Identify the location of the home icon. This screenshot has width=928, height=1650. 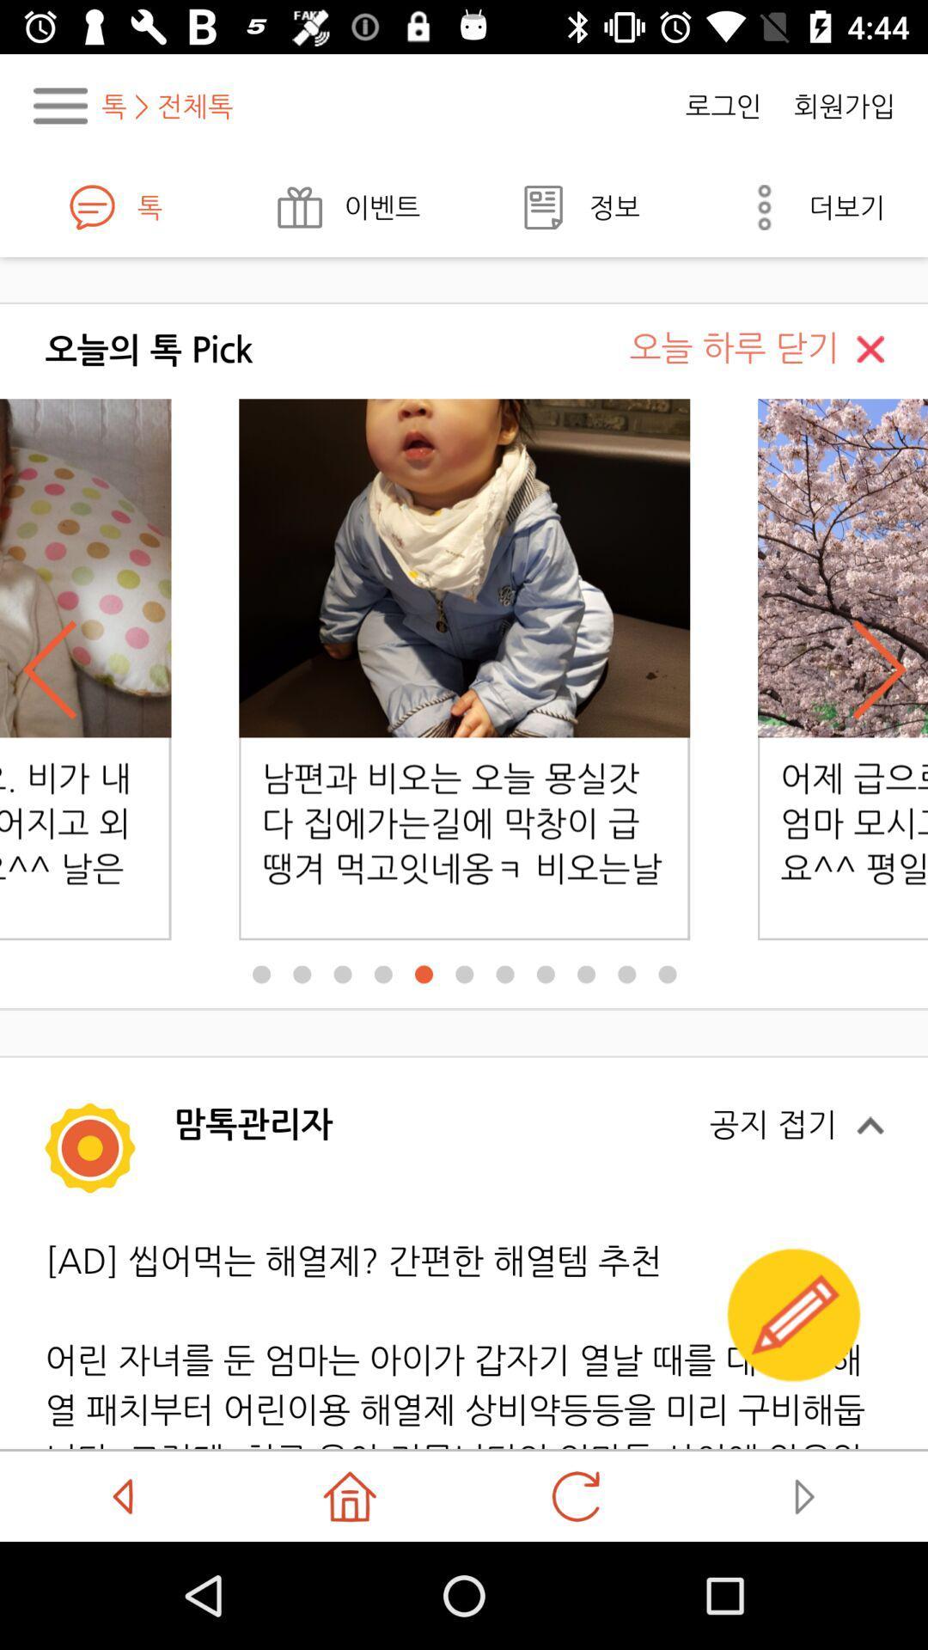
(349, 1495).